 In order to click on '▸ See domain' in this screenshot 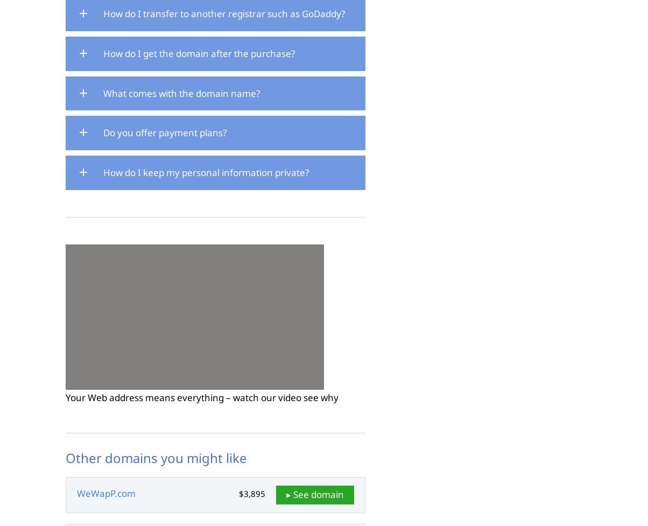, I will do `click(315, 494)`.